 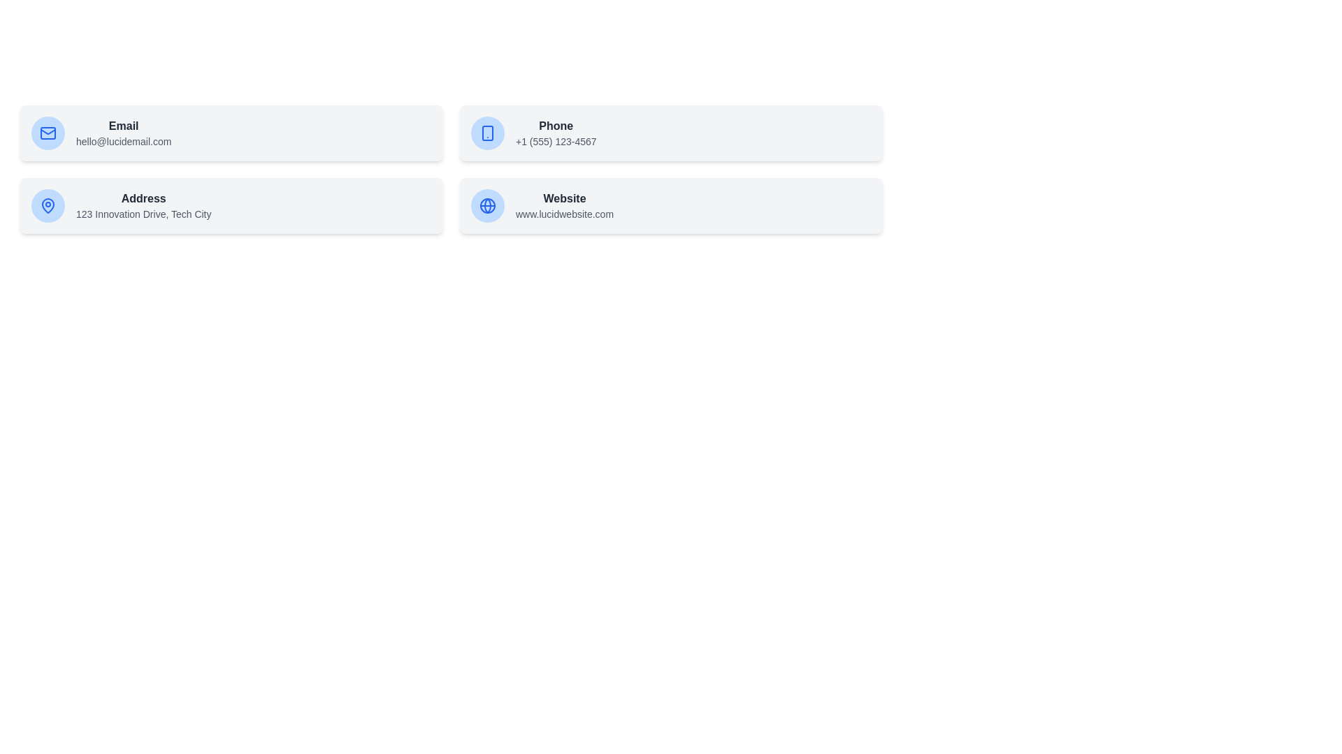 I want to click on the non-interactive information display card that shows a phone number, located in the top-right section of the grid layout, so click(x=671, y=133).